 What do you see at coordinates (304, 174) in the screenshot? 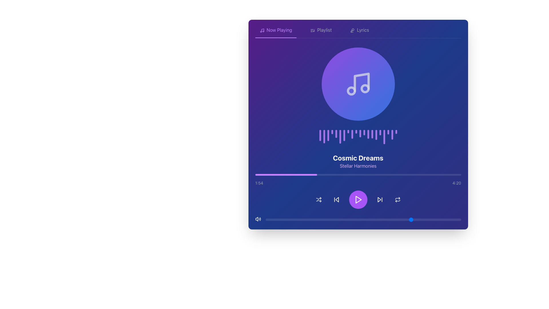
I see `playback progress` at bounding box center [304, 174].